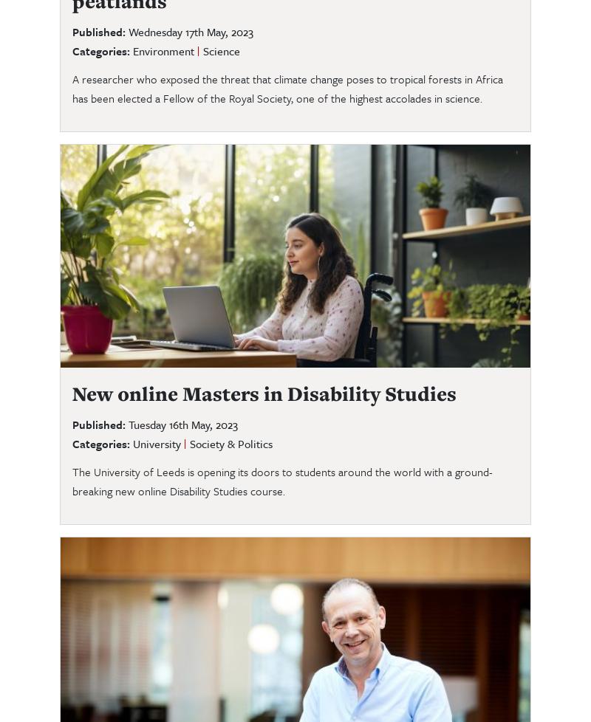 The height and width of the screenshot is (722, 591). What do you see at coordinates (182, 423) in the screenshot?
I see `'Tuesday 16th May, 2023'` at bounding box center [182, 423].